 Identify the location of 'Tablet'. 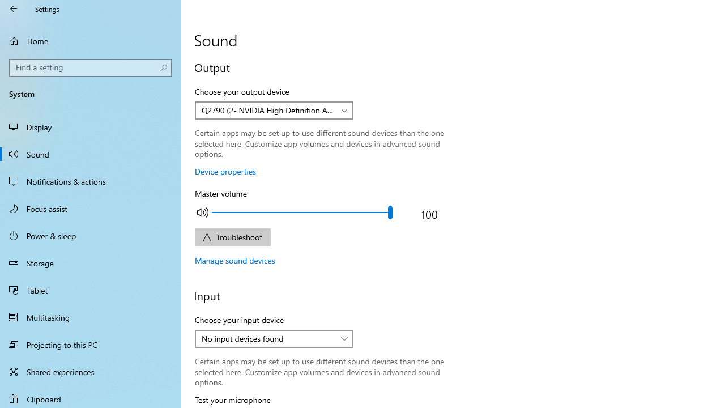
(91, 289).